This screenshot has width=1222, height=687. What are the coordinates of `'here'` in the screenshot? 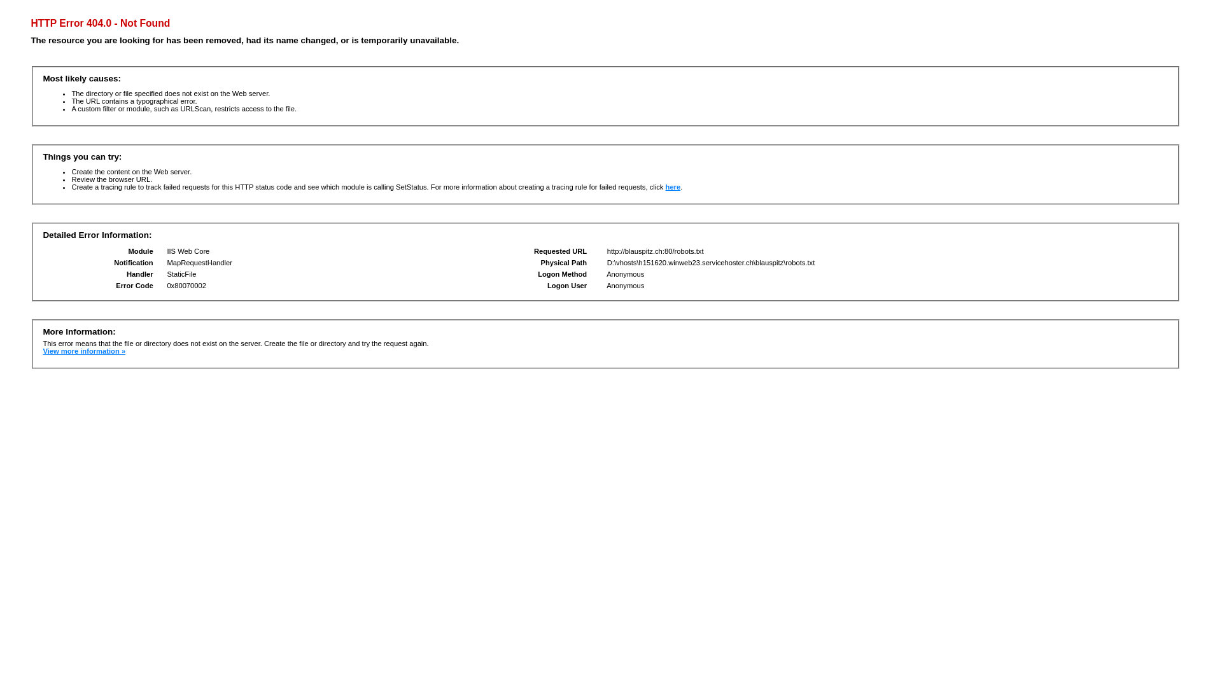 It's located at (665, 186).